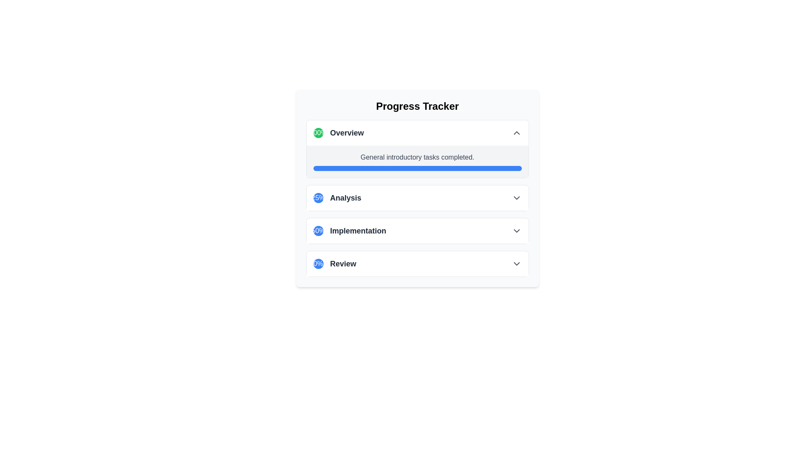 This screenshot has width=810, height=456. Describe the element at coordinates (318, 198) in the screenshot. I see `details associated with the Progress Indicator Badge, which is a small circular badge with a blue background displaying '25%' and located to the left of the text 'Analysis' in the 'Progress Tracker' card` at that location.